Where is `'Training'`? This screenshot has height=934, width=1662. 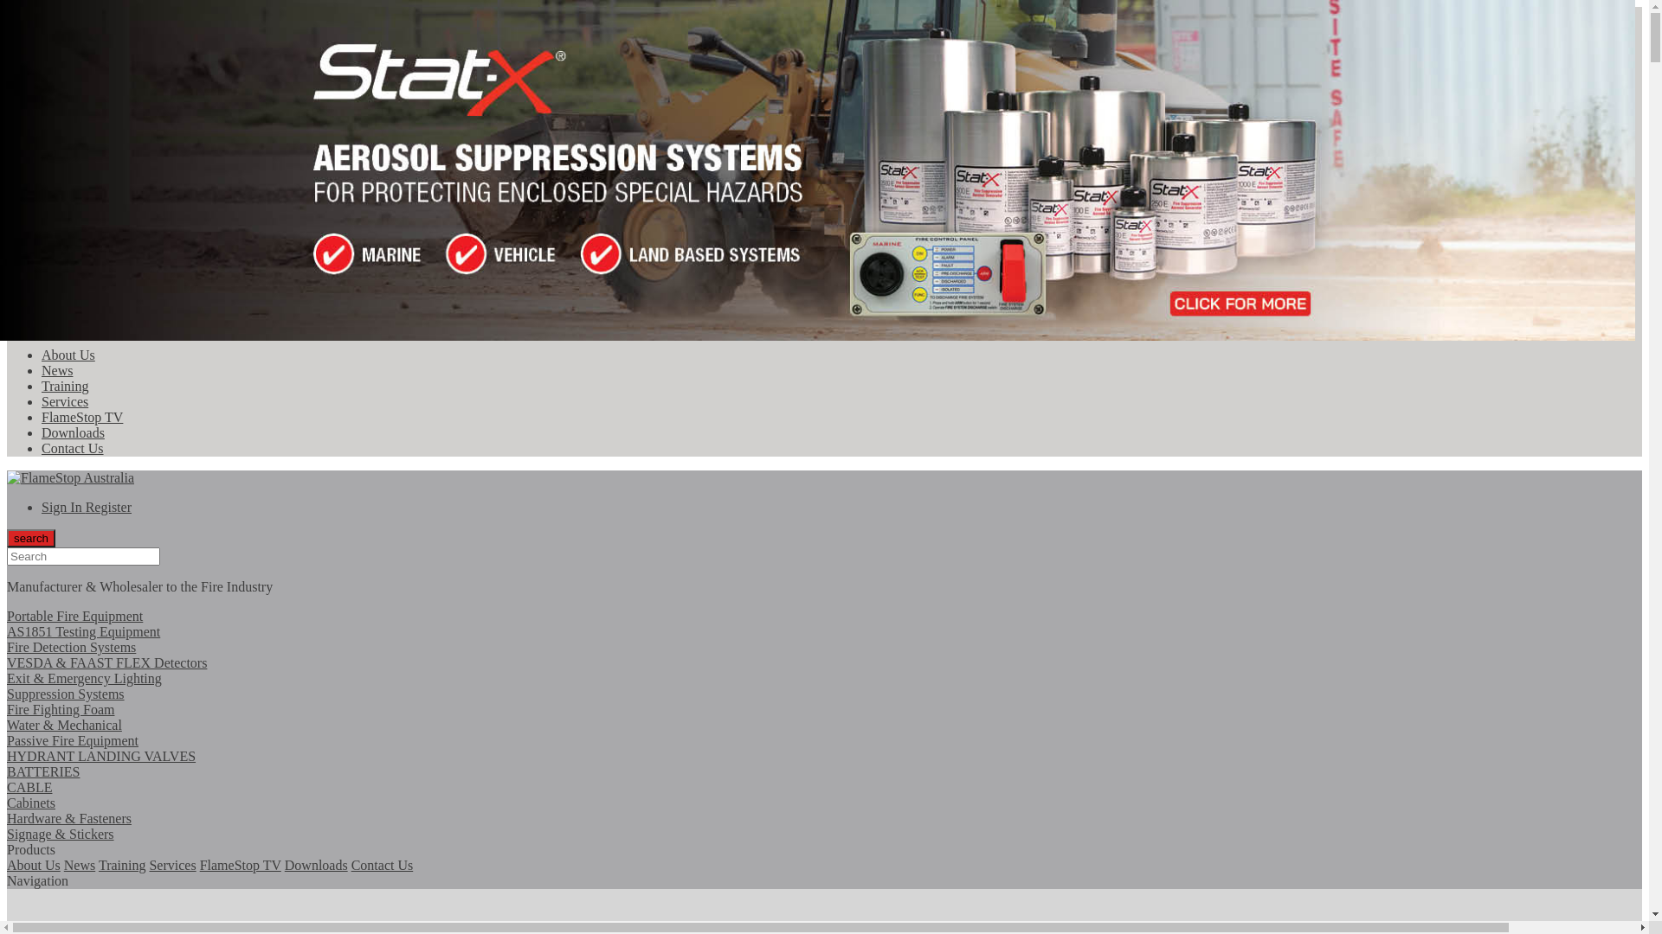 'Training' is located at coordinates (65, 385).